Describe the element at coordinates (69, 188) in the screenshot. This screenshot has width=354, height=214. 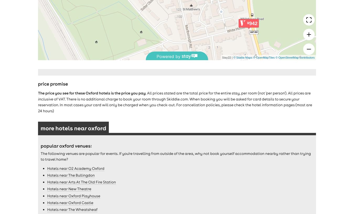
I see `'Hotels near New Theatre'` at that location.